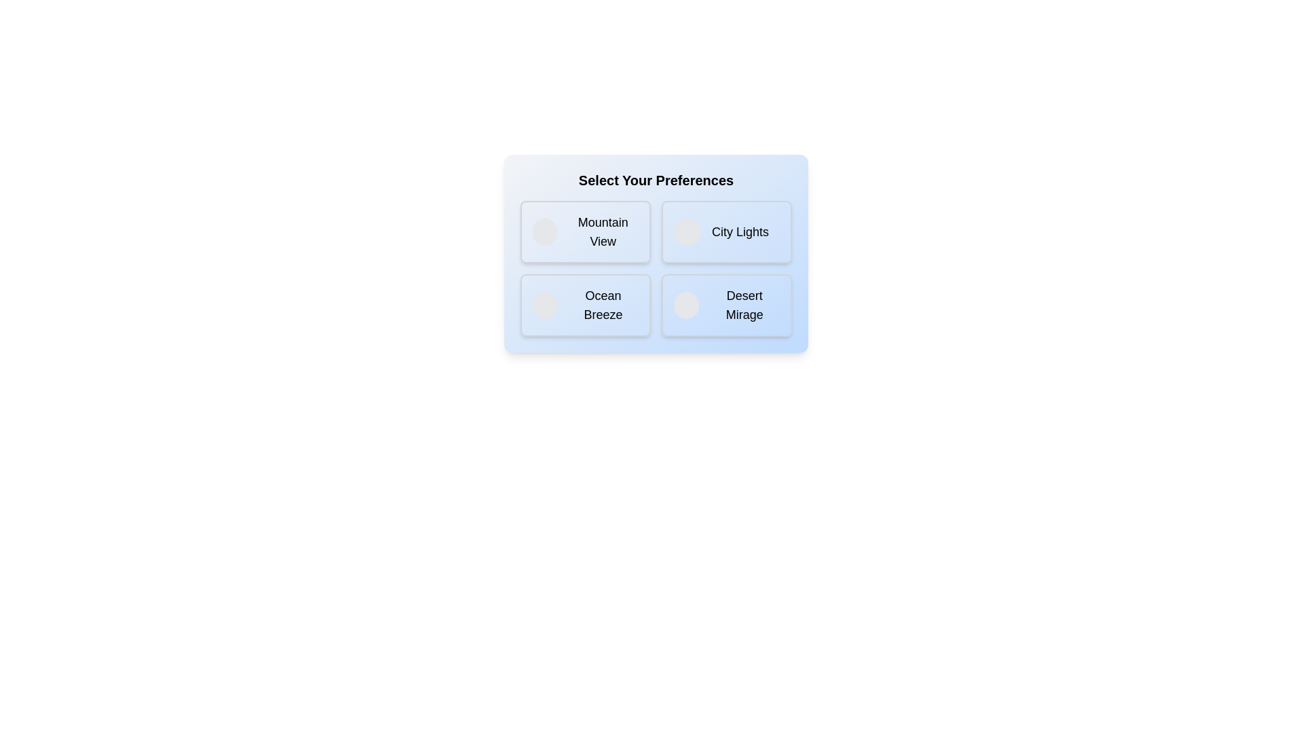 The height and width of the screenshot is (733, 1303). Describe the element at coordinates (586, 231) in the screenshot. I see `the option labeled Mountain View to observe visual feedback` at that location.